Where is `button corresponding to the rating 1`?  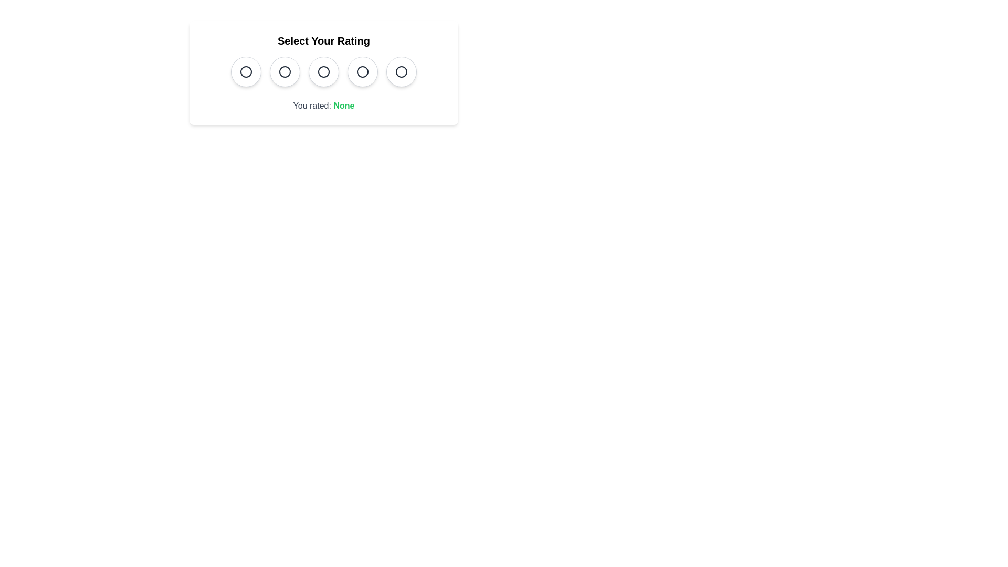 button corresponding to the rating 1 is located at coordinates (246, 71).